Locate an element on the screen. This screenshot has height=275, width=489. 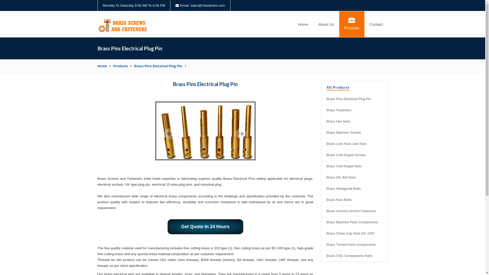
'Products' is located at coordinates (122, 66).